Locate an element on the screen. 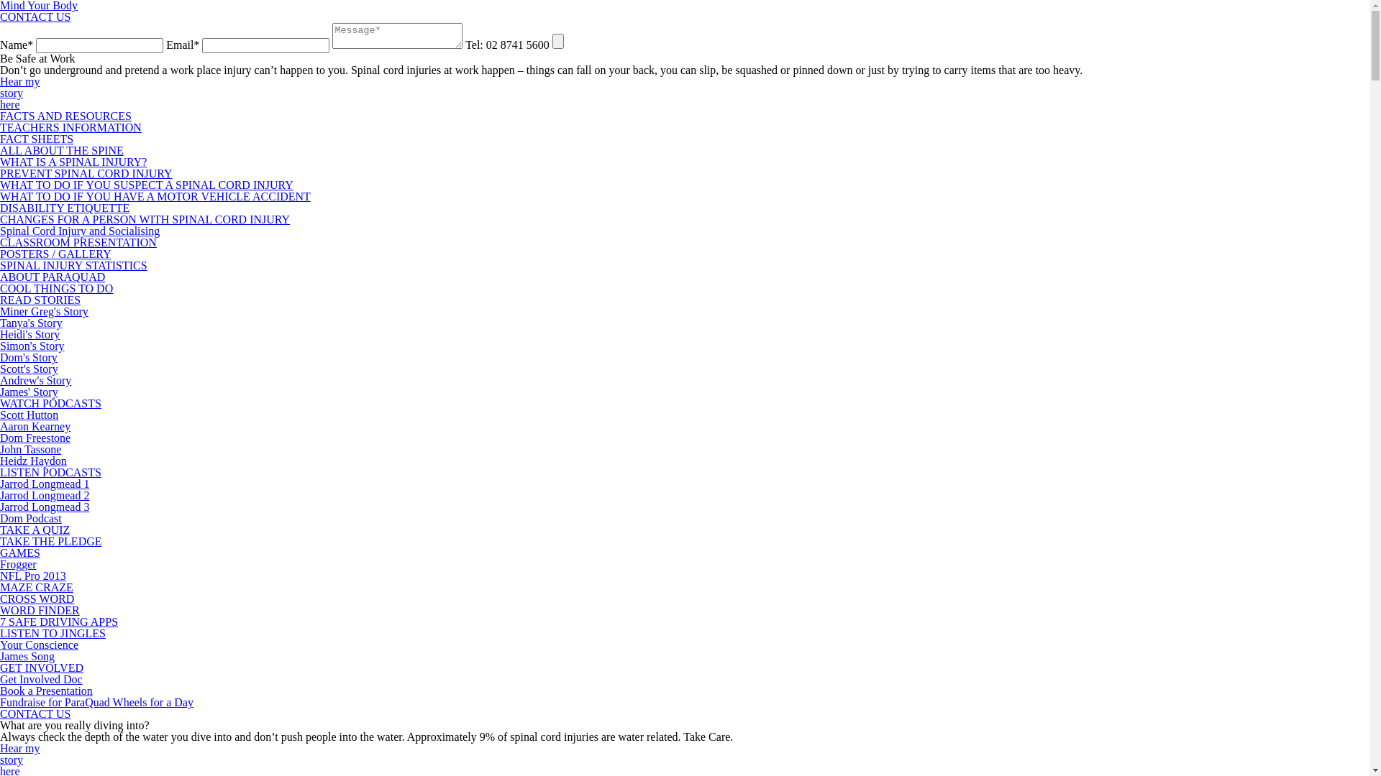 The width and height of the screenshot is (1381, 776). 'Jarrod Longmead 2' is located at coordinates (45, 494).